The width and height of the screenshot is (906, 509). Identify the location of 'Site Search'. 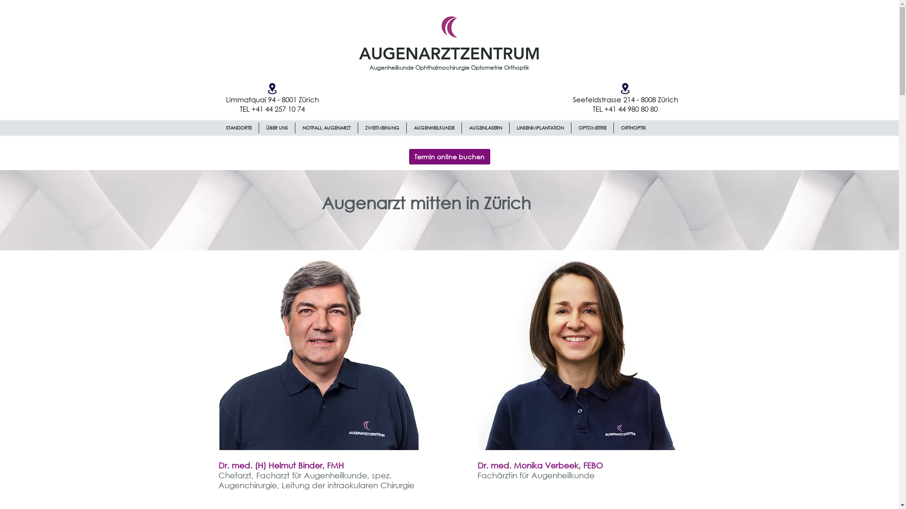
(625, 148).